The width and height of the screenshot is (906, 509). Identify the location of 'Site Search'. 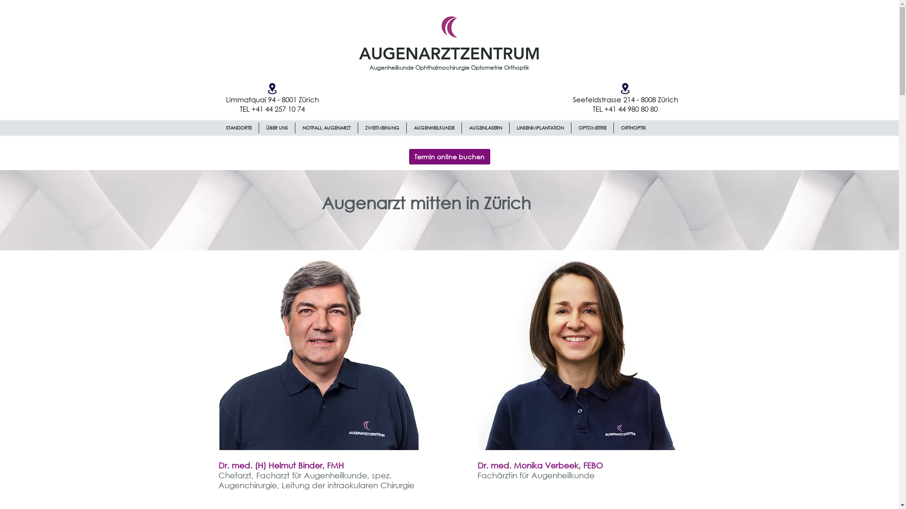
(625, 148).